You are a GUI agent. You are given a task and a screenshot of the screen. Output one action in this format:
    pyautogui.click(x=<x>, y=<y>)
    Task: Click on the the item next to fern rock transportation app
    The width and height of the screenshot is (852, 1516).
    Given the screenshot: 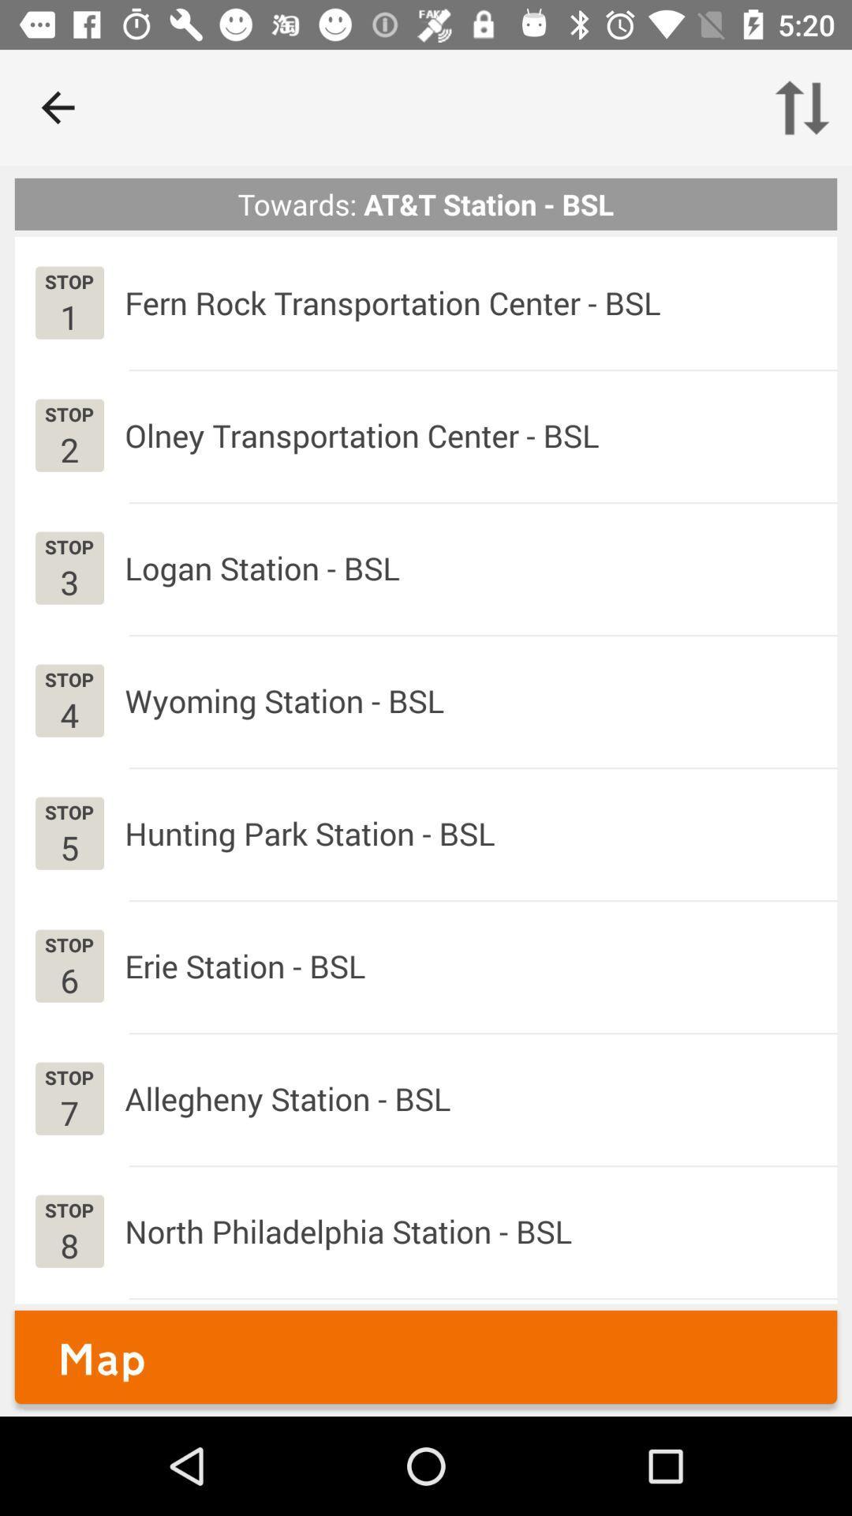 What is the action you would take?
    pyautogui.click(x=69, y=316)
    